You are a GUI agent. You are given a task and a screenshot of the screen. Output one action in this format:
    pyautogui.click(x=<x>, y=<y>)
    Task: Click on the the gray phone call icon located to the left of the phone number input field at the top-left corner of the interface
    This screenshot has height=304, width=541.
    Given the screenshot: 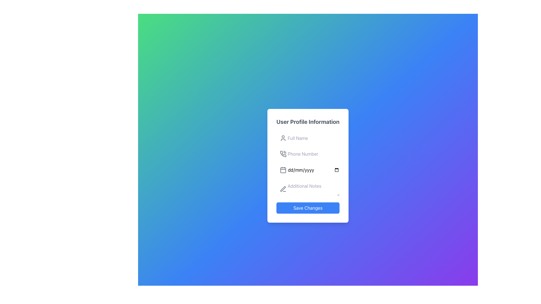 What is the action you would take?
    pyautogui.click(x=283, y=154)
    